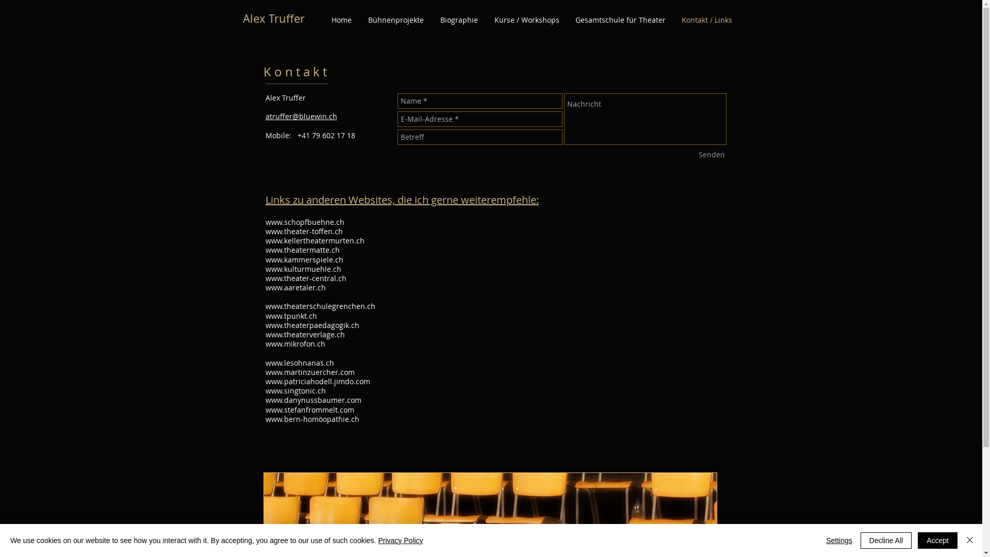 The width and height of the screenshot is (990, 557). What do you see at coordinates (303, 231) in the screenshot?
I see `'www.theater-toffen.ch'` at bounding box center [303, 231].